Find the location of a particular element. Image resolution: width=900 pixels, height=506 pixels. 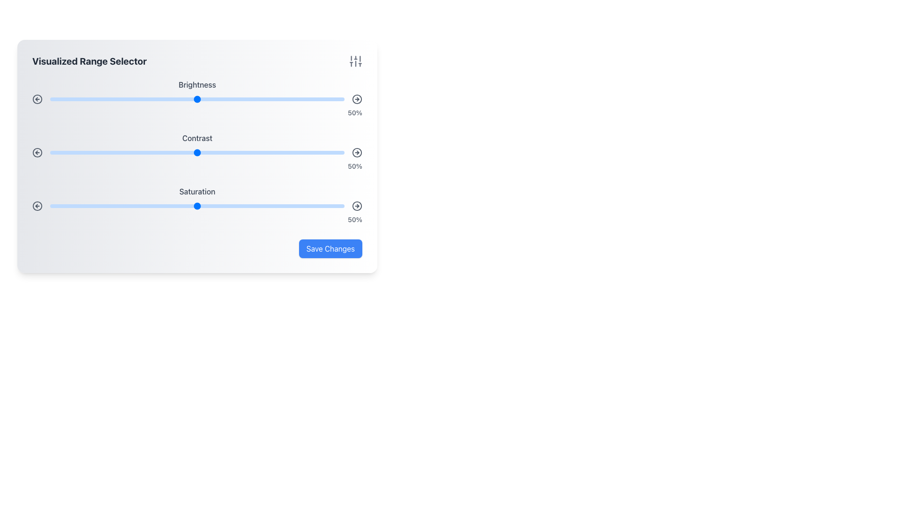

contrast is located at coordinates (114, 152).